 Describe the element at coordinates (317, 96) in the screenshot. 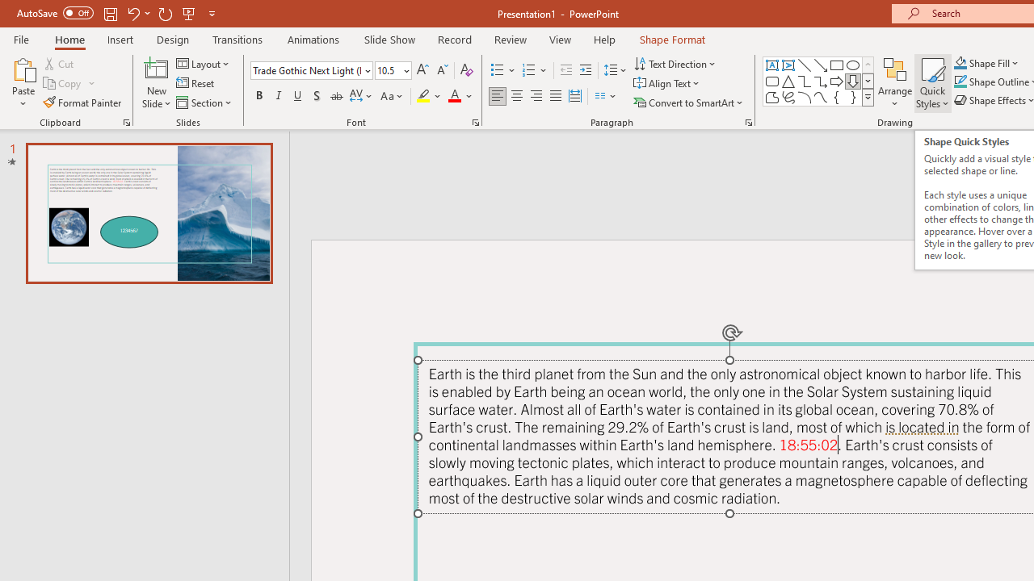

I see `'Shadow'` at that location.